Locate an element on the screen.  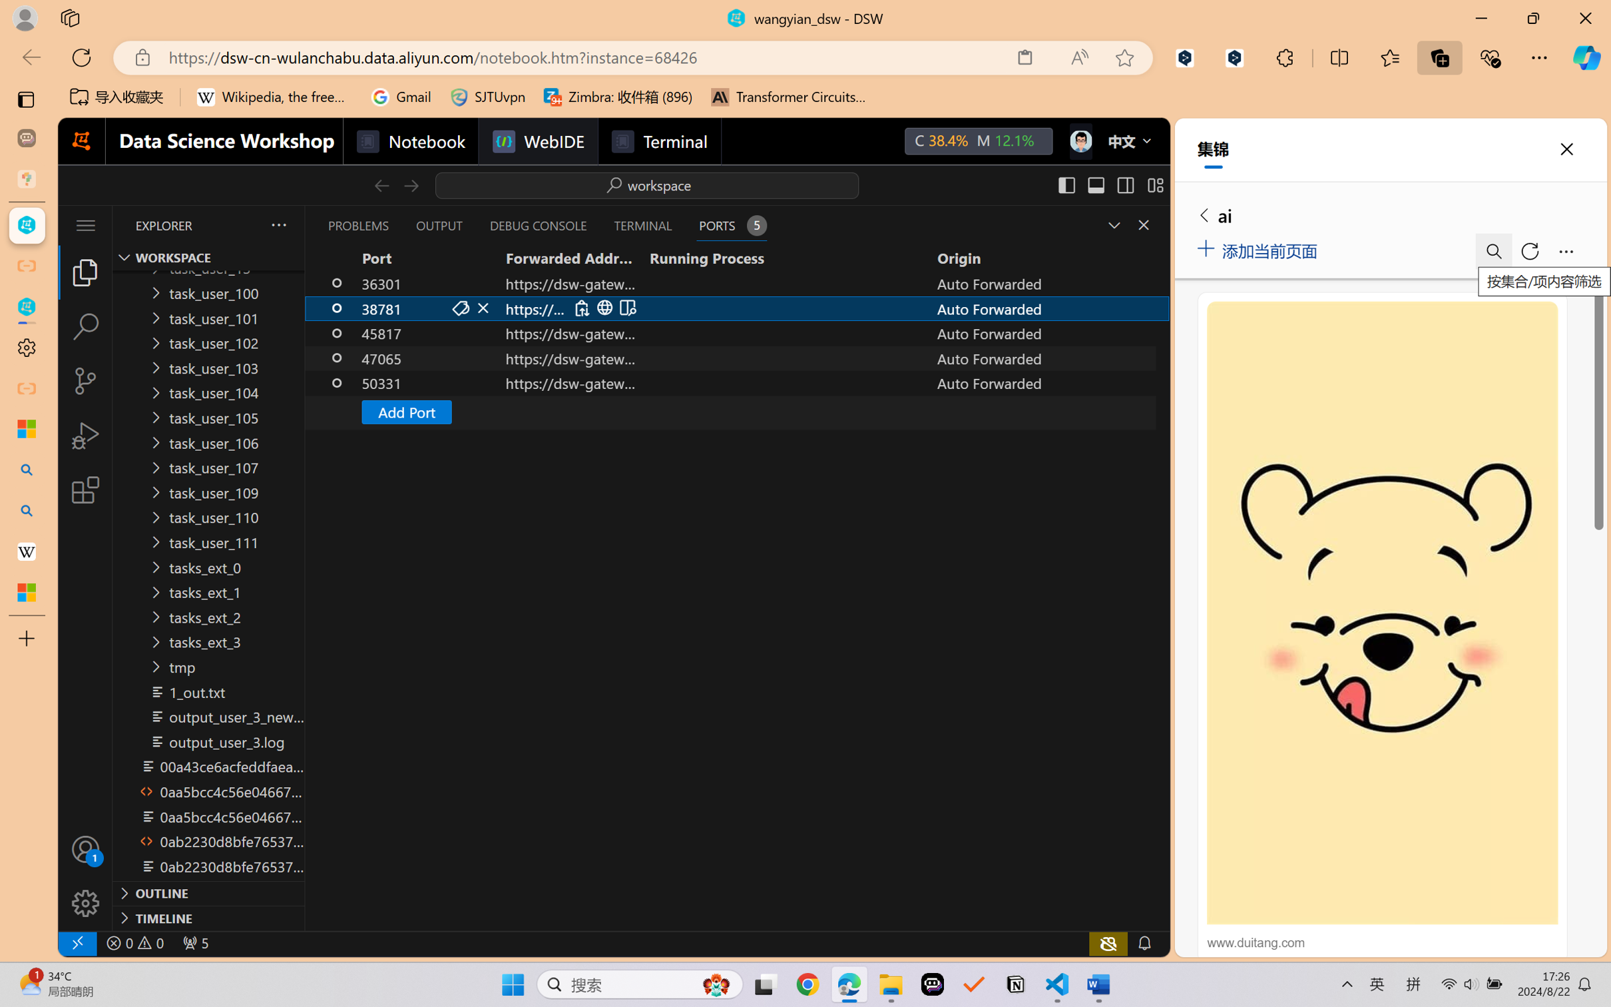
'Add Port' is located at coordinates (405, 412).